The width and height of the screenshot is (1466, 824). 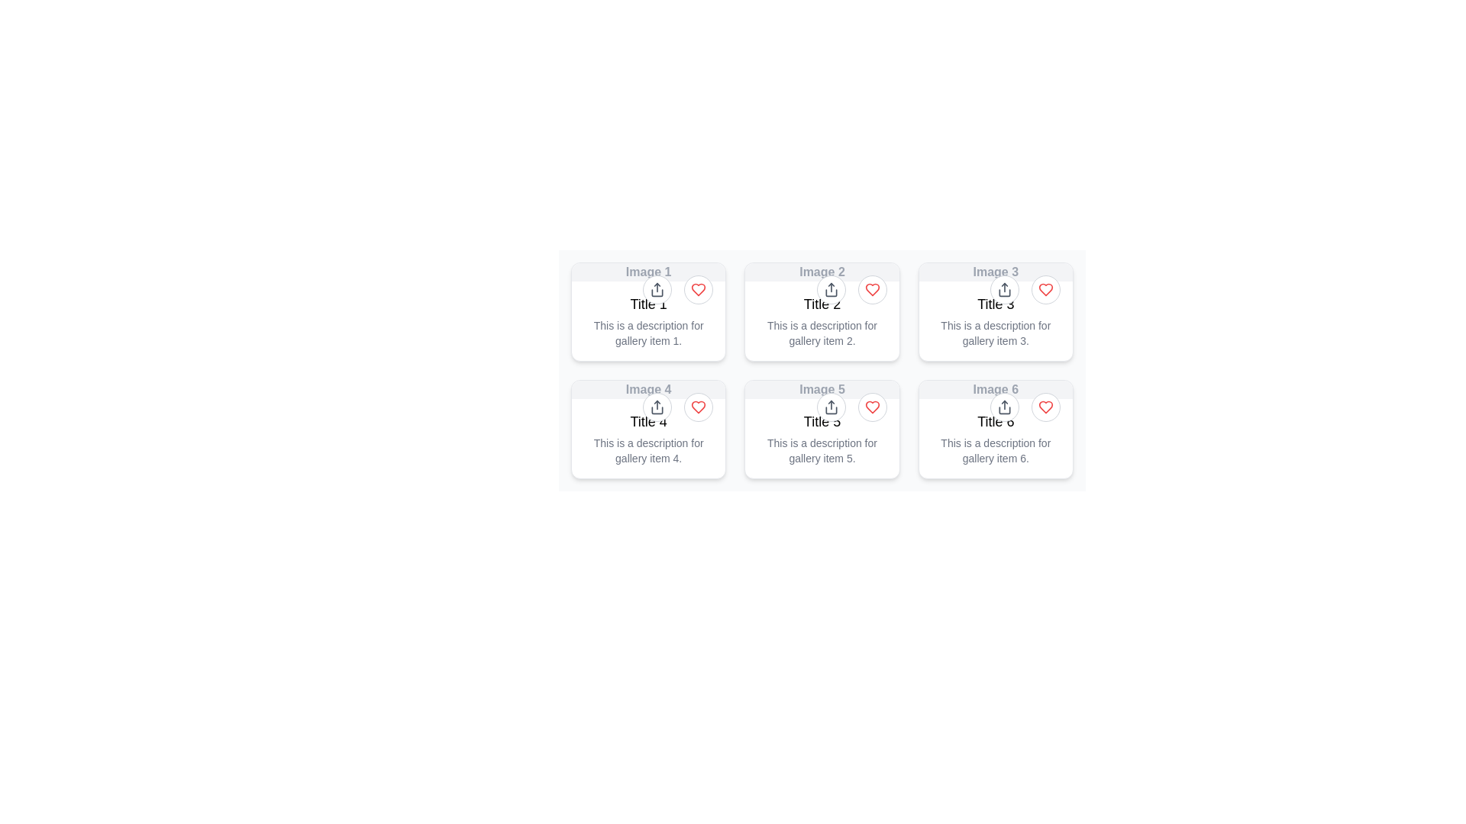 I want to click on the favorite/unfavorite button located in the upper-right corner of the card labeled 'Title 2' to mark the associated item as a favorite or unfavorite, so click(x=872, y=290).